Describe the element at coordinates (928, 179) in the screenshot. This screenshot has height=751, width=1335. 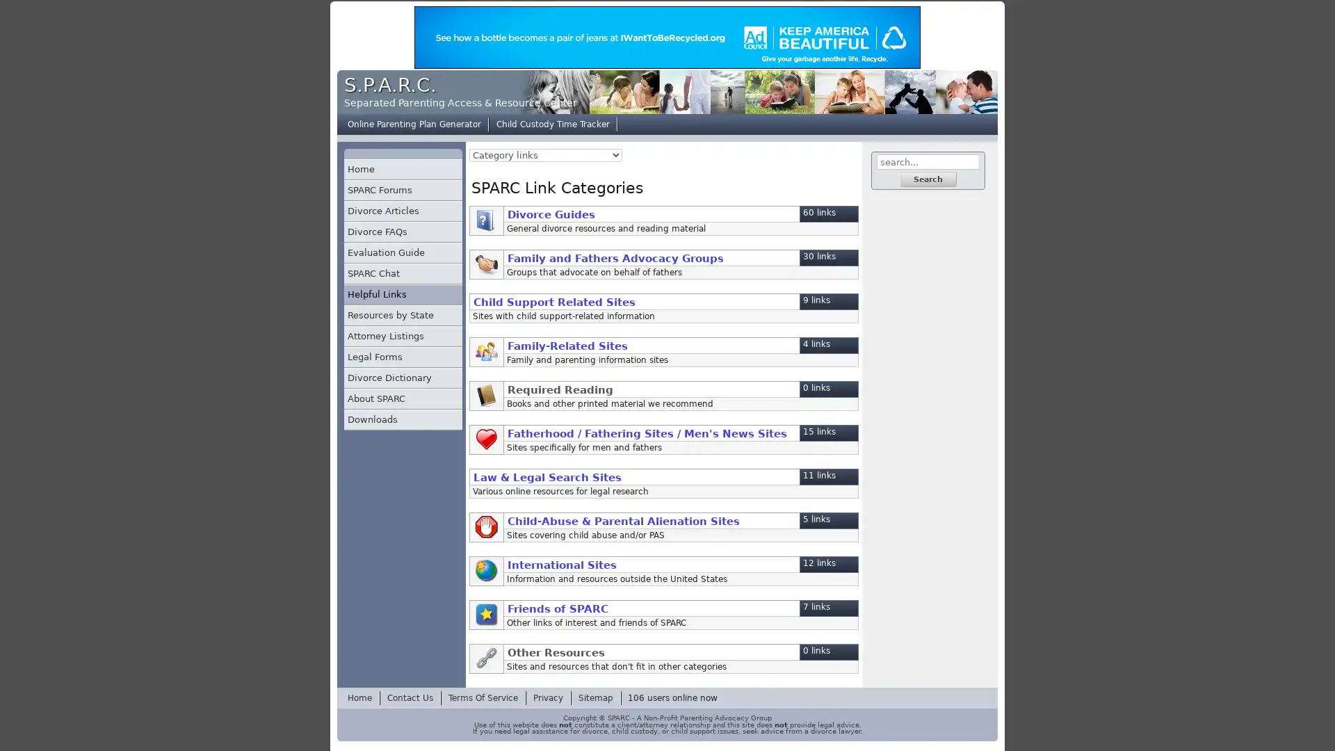
I see `Search` at that location.